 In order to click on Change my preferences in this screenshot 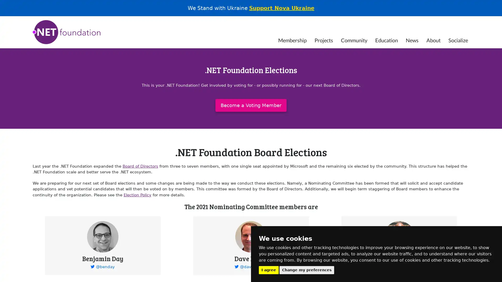, I will do `click(306, 270)`.